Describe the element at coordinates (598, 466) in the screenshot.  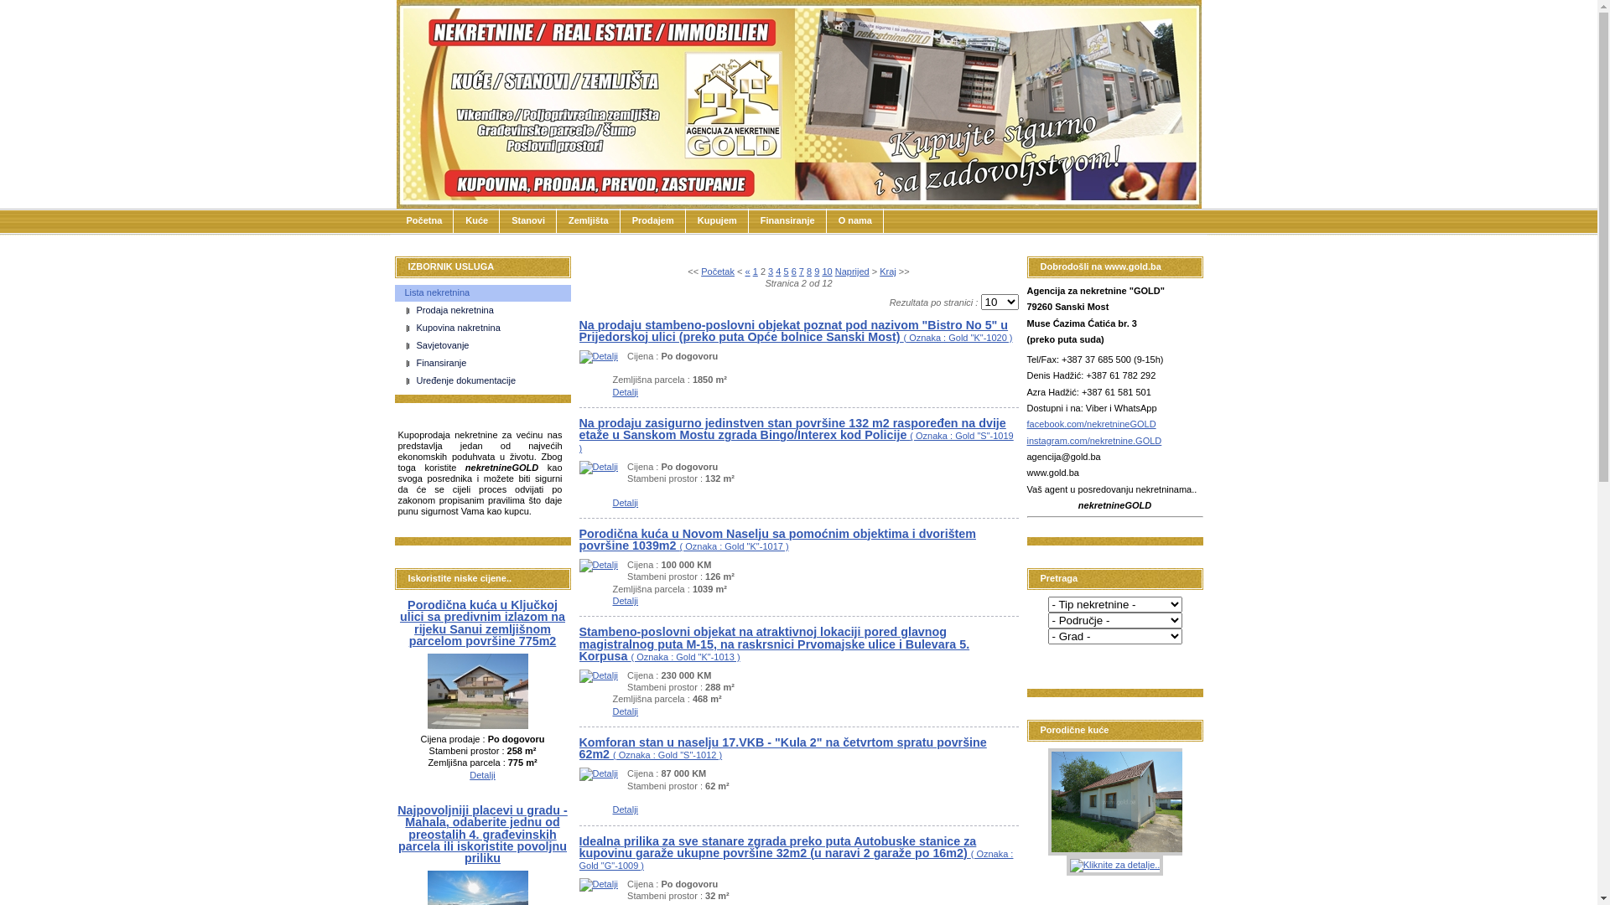
I see `'Detalji'` at that location.